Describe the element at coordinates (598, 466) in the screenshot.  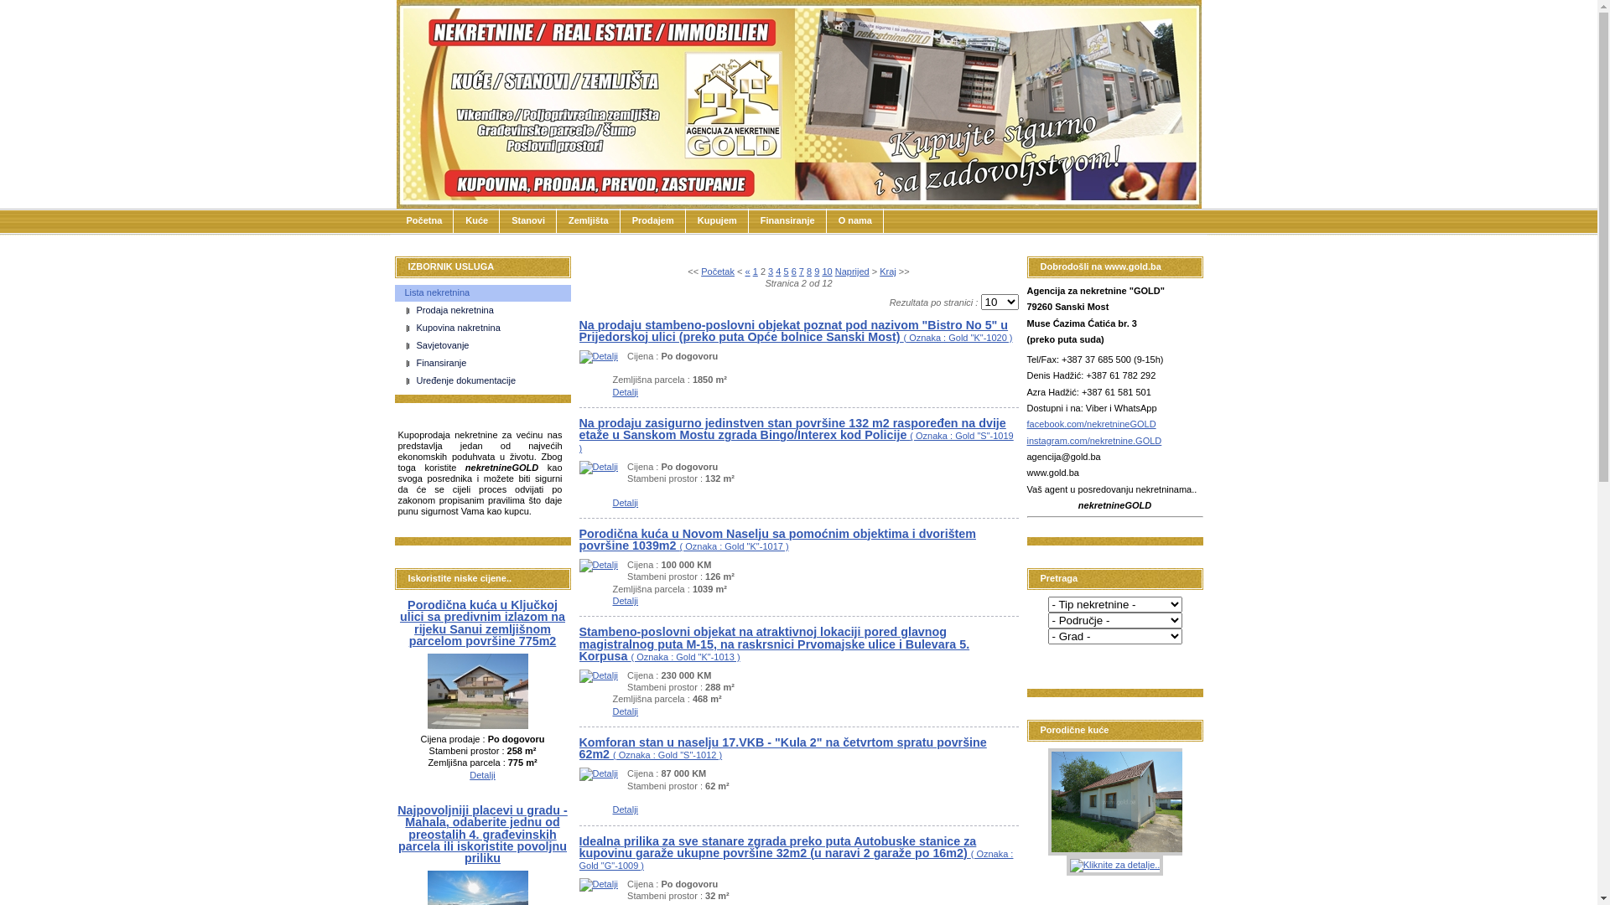
I see `'Detalji'` at that location.